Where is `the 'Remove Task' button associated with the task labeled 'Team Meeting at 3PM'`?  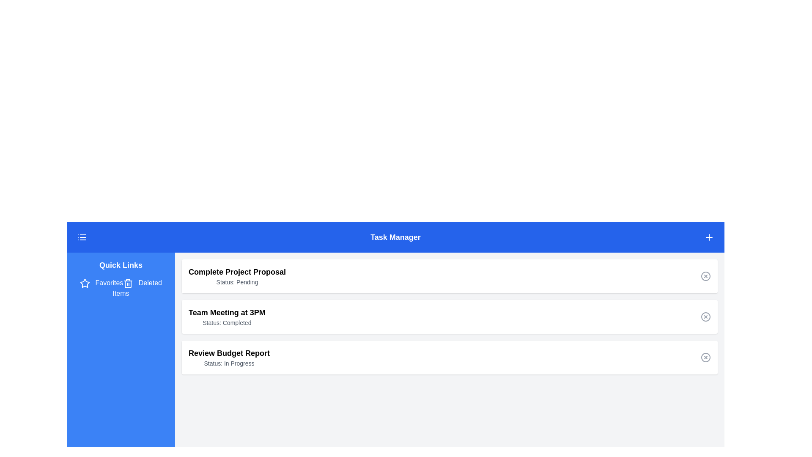
the 'Remove Task' button associated with the task labeled 'Team Meeting at 3PM' is located at coordinates (706, 317).